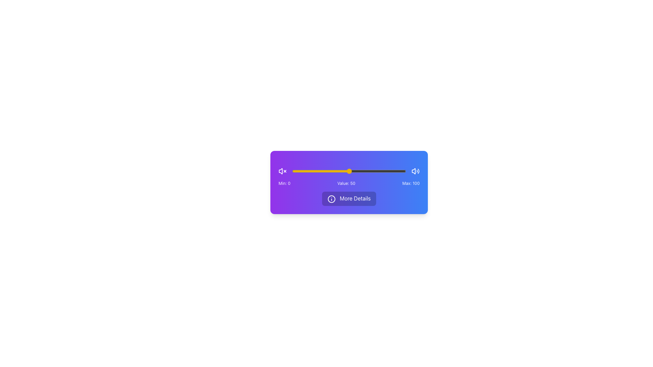  I want to click on the speaker icon representing sound output or volume, which is located to the far right of the horizontal layout group containing sound-related controls, so click(415, 171).